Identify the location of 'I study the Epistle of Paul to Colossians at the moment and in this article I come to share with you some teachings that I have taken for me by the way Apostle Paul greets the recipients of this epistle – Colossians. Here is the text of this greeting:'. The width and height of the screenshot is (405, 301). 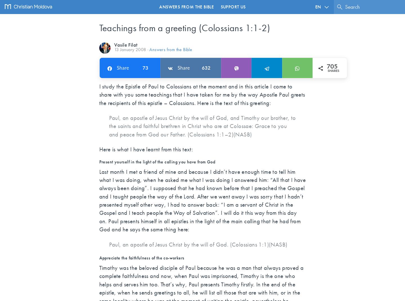
(202, 94).